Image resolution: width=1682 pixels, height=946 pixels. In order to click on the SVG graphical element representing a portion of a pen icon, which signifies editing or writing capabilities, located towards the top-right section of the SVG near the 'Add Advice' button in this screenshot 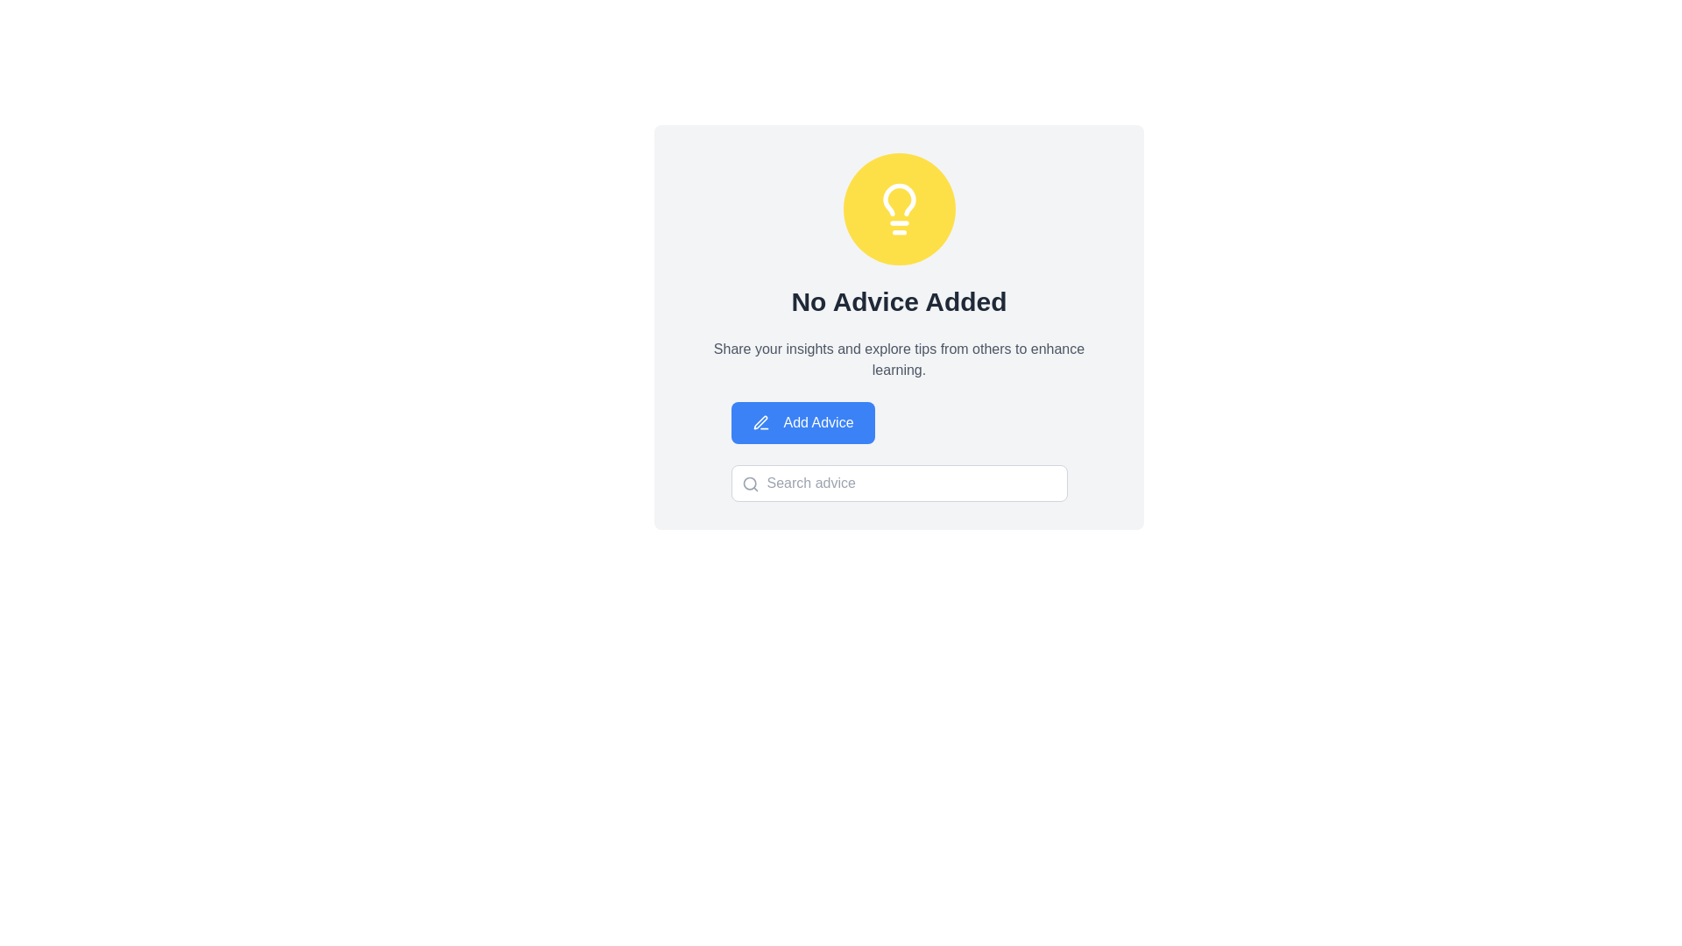, I will do `click(760, 422)`.